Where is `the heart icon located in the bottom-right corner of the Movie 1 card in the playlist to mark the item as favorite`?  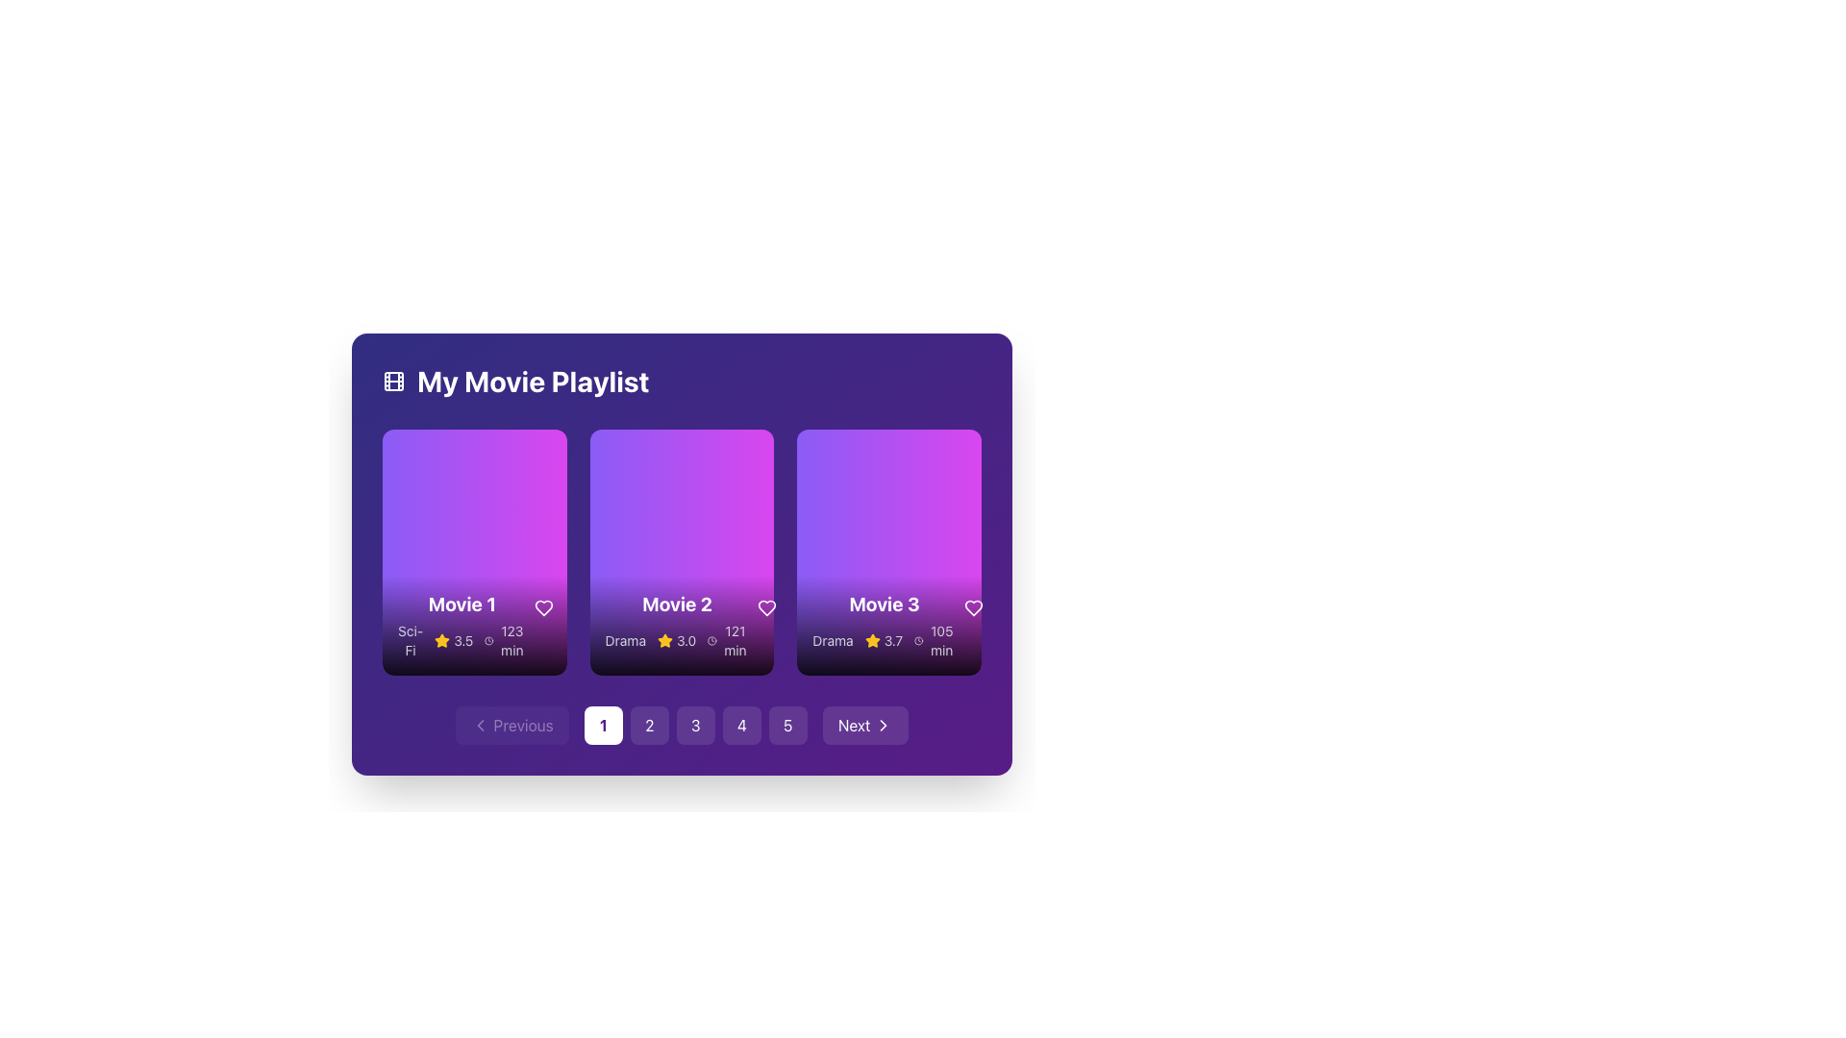 the heart icon located in the bottom-right corner of the Movie 1 card in the playlist to mark the item as favorite is located at coordinates (542, 607).